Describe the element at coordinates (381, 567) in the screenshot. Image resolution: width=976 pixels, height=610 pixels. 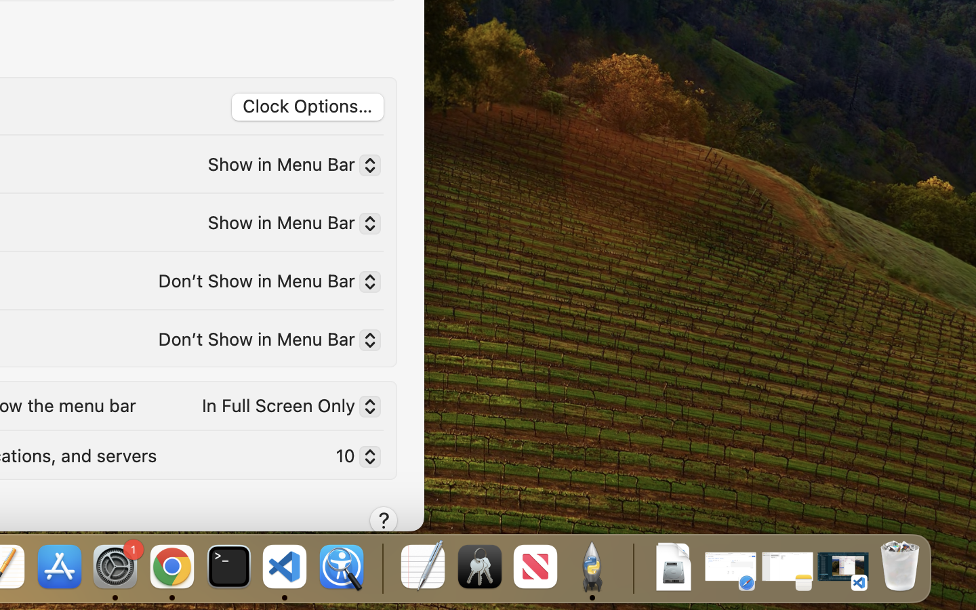
I see `'0.4285714328289032'` at that location.